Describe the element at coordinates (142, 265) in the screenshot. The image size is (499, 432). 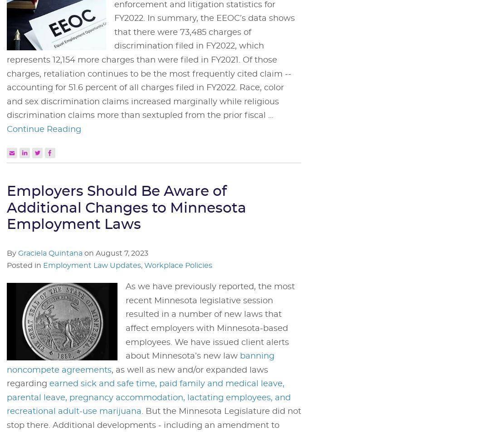
I see `','` at that location.